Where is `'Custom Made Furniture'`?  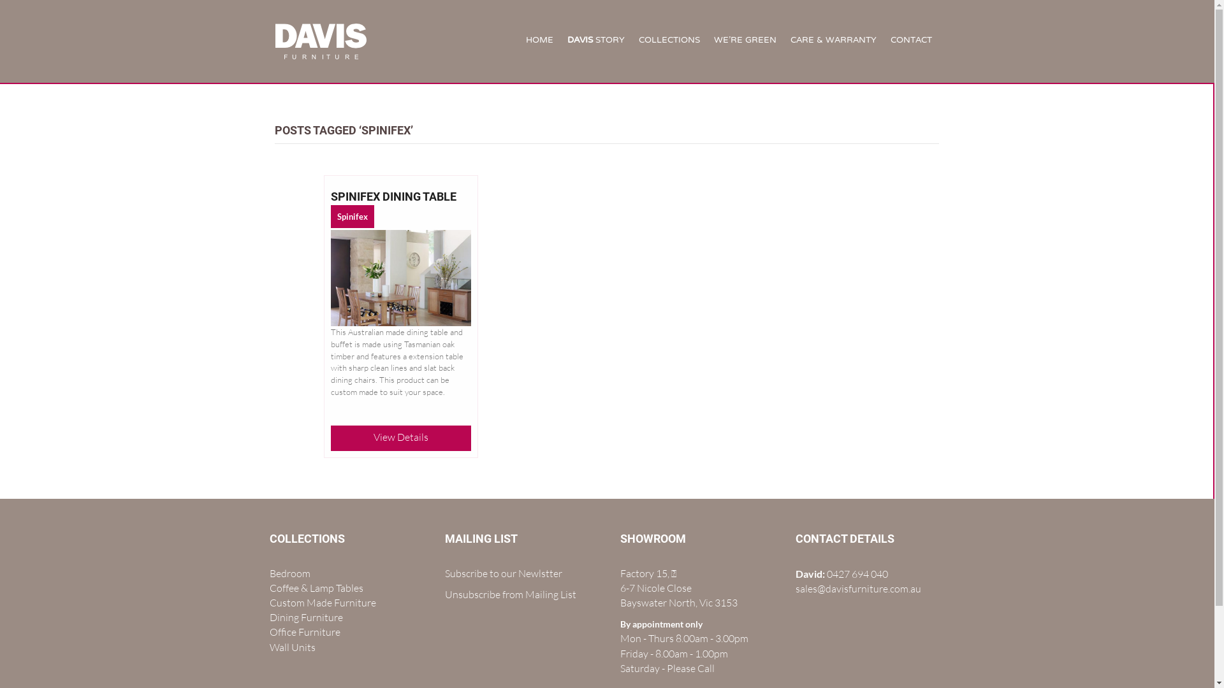
'Custom Made Furniture' is located at coordinates (322, 602).